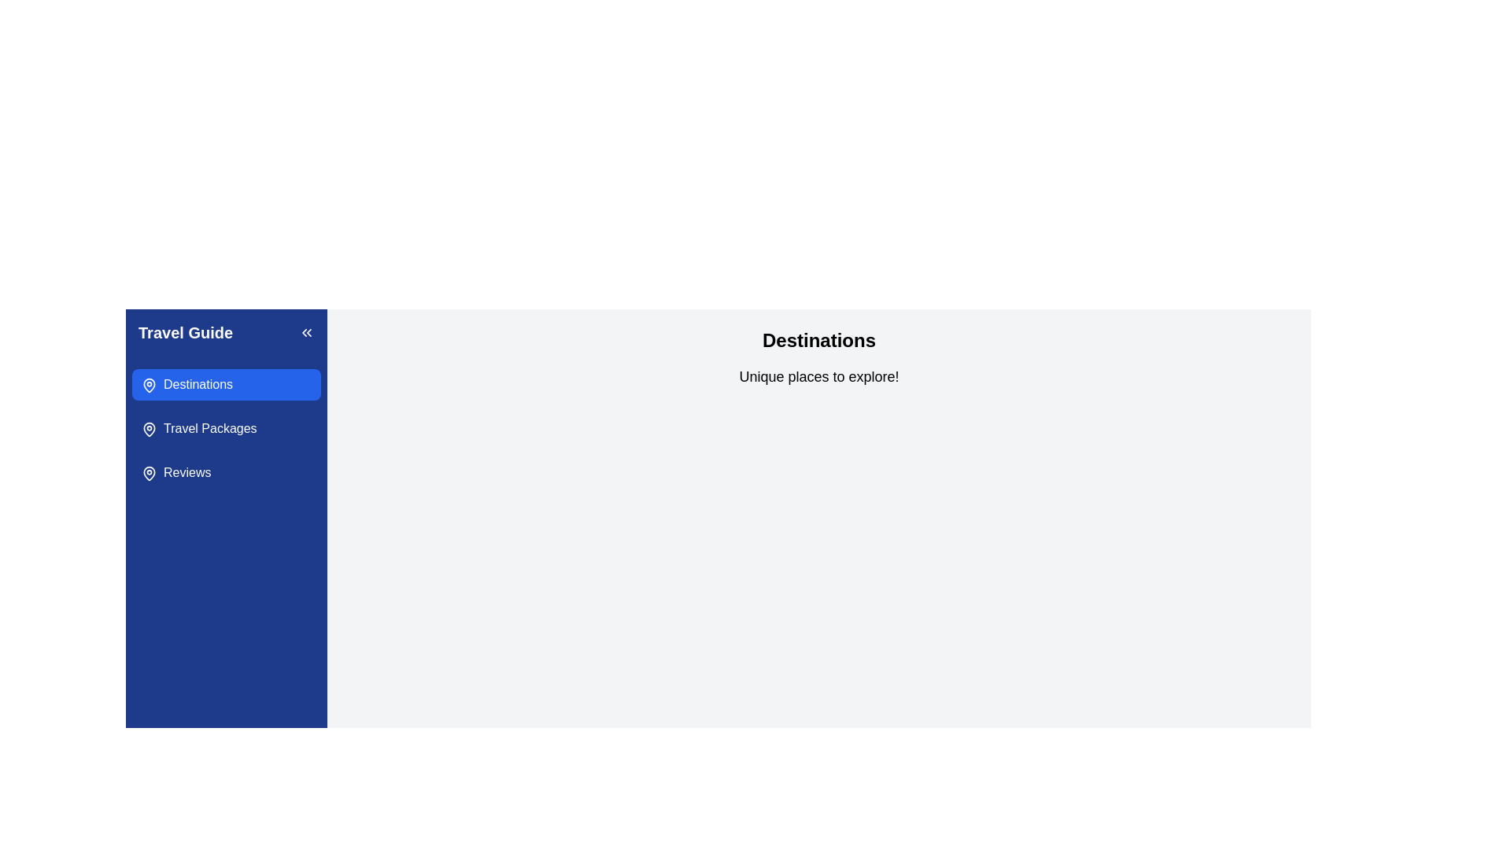  What do you see at coordinates (226, 428) in the screenshot?
I see `the 'Travel Packages' button, which is a horizontally elongated button with a white label and a blue background located between the 'Destinations' and 'Reviews' options in the navigation list` at bounding box center [226, 428].